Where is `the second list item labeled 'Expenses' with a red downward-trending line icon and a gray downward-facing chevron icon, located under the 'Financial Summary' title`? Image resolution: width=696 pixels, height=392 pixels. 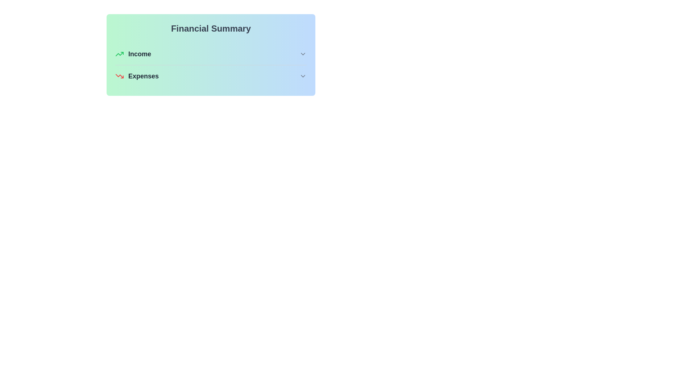
the second list item labeled 'Expenses' with a red downward-trending line icon and a gray downward-facing chevron icon, located under the 'Financial Summary' title is located at coordinates (210, 76).